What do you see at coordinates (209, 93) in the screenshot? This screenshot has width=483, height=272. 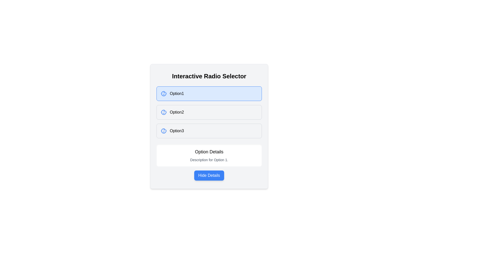 I see `the first radio button labeled 'Option1'` at bounding box center [209, 93].